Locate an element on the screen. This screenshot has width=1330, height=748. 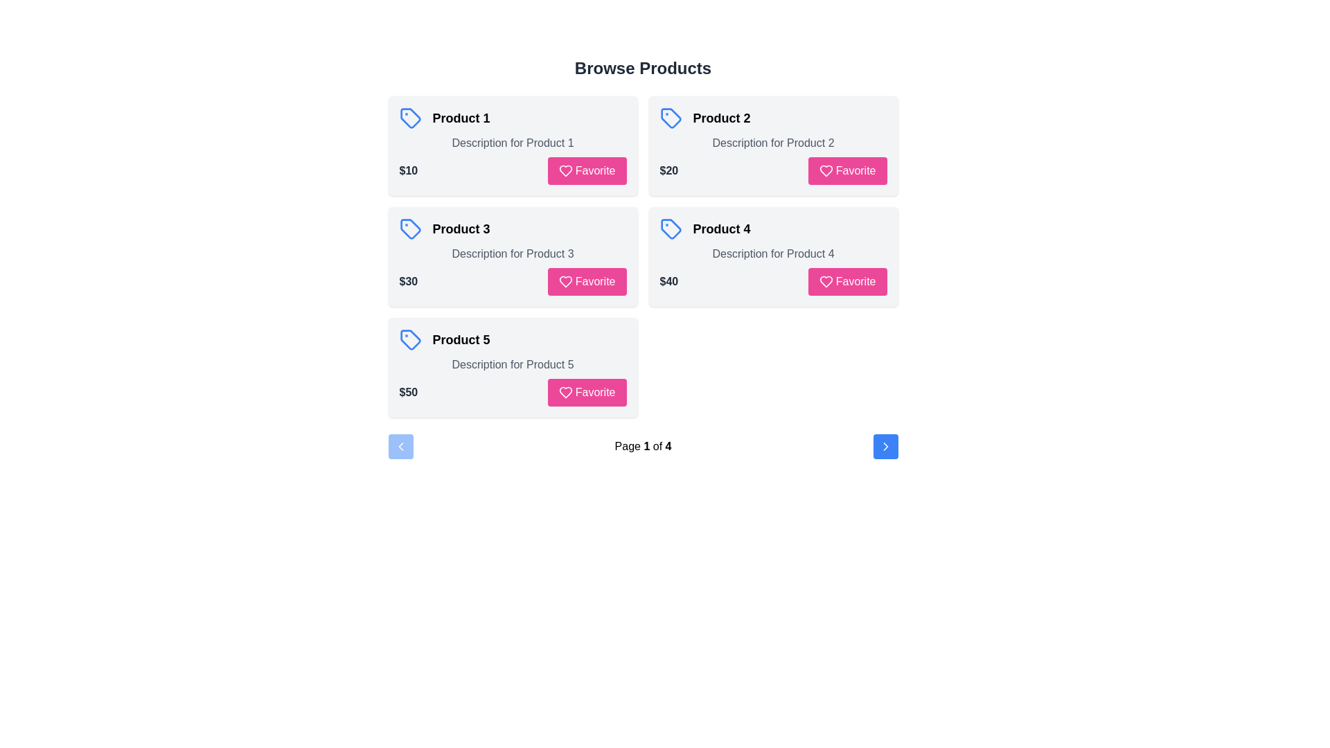
the heart-shaped icon with a pink outline in the 'Favorite' button is located at coordinates (826, 281).